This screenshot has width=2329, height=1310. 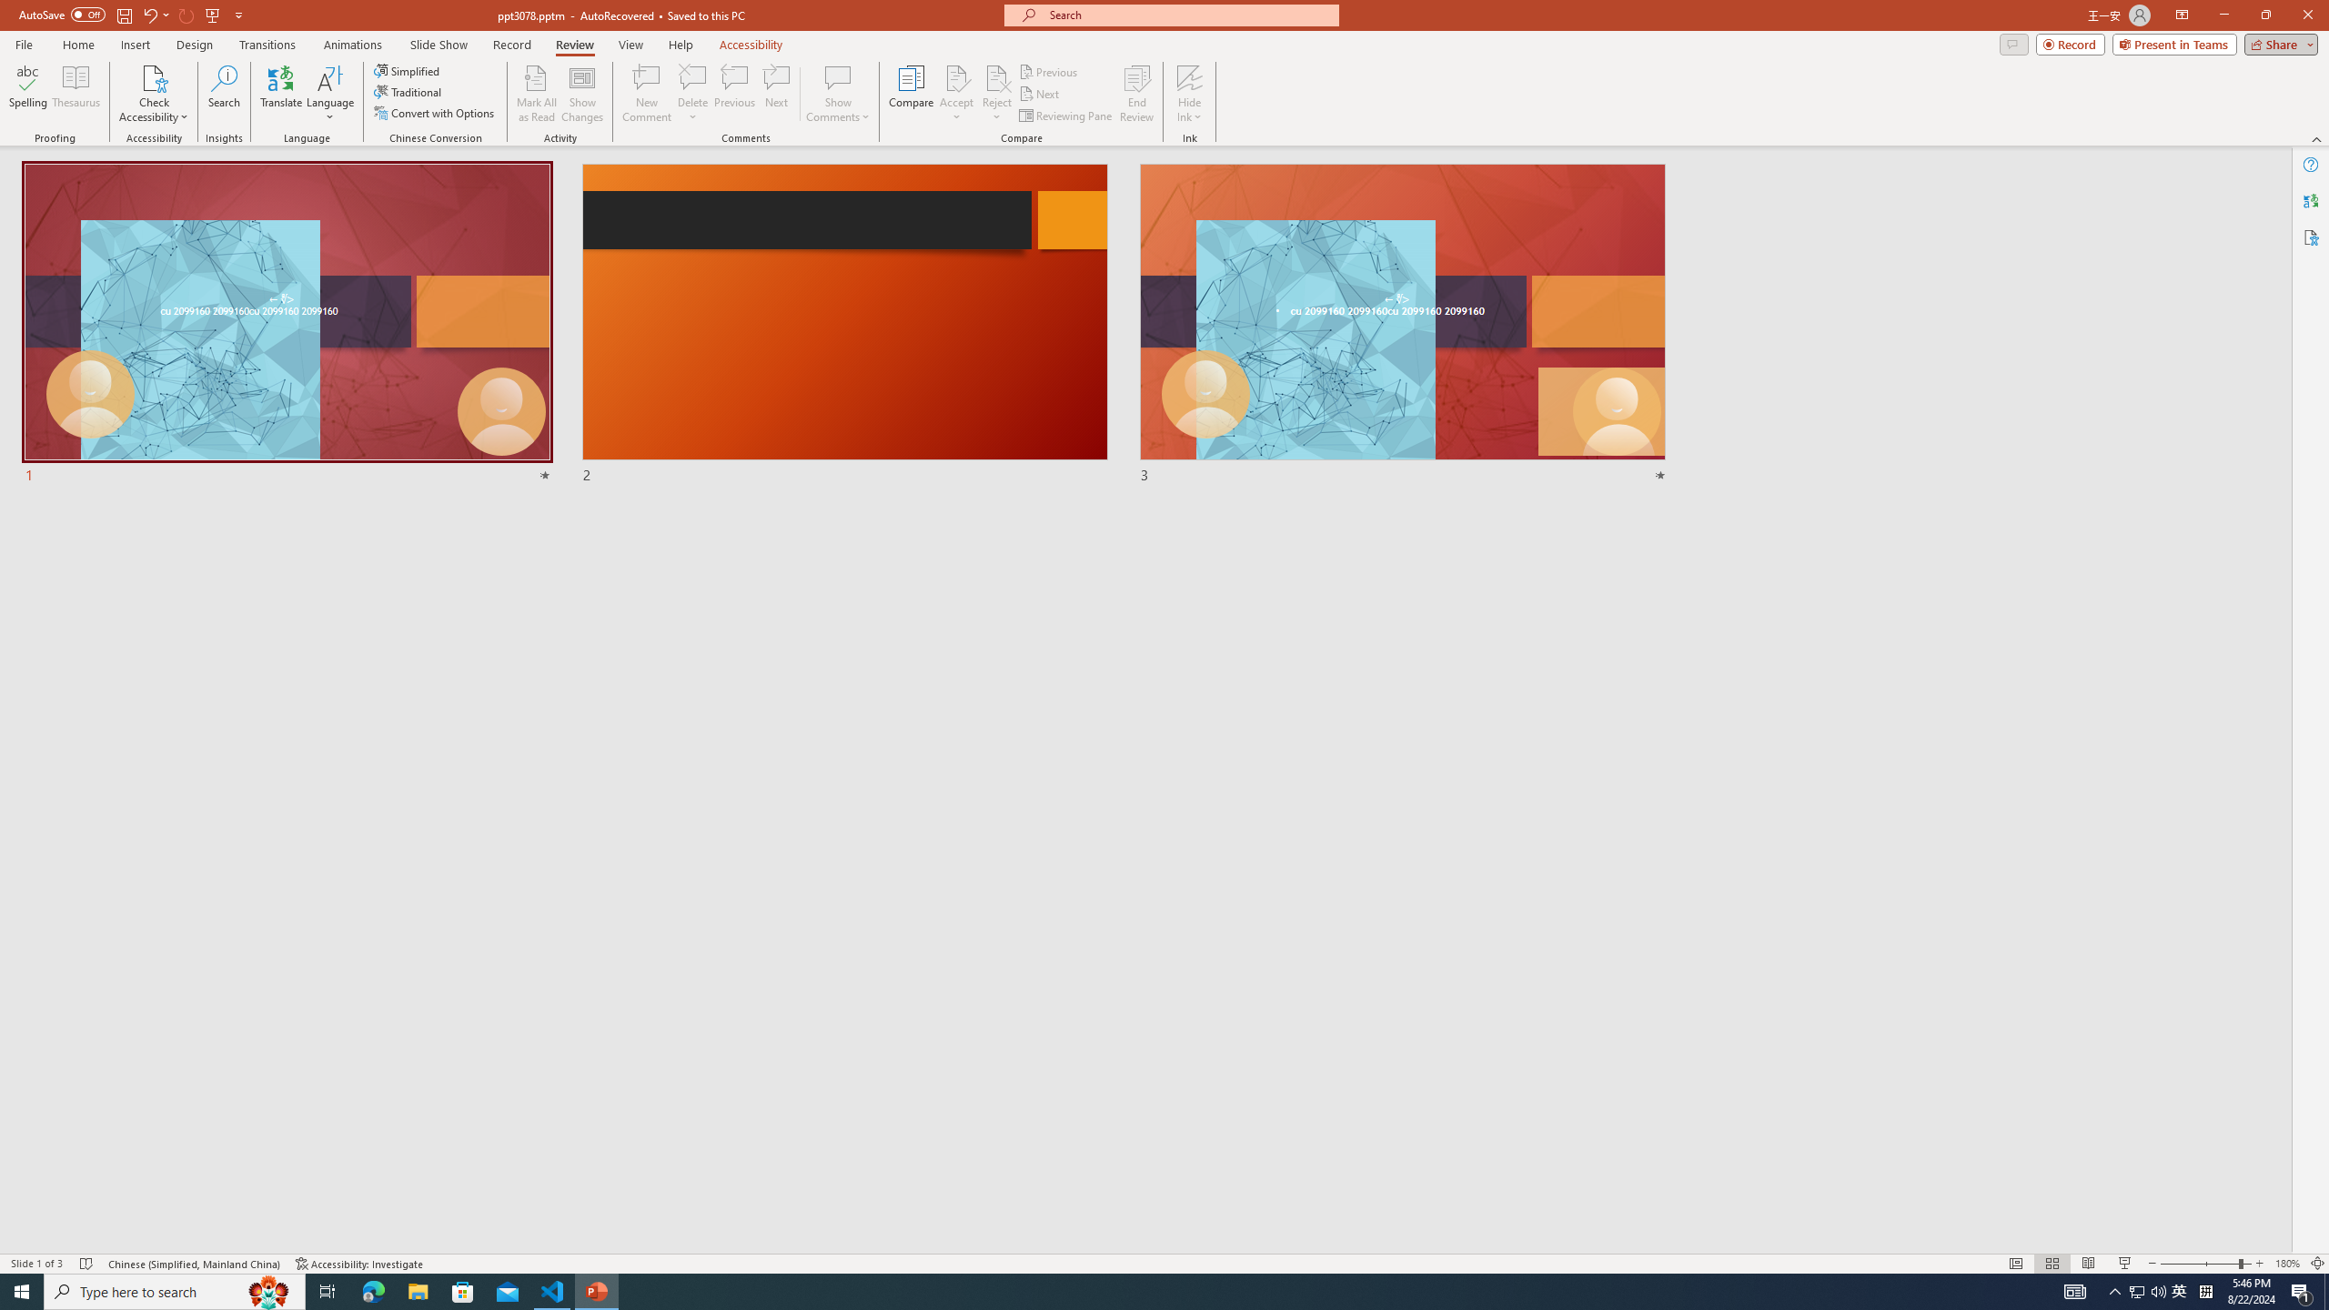 What do you see at coordinates (1190, 76) in the screenshot?
I see `'Hide Ink'` at bounding box center [1190, 76].